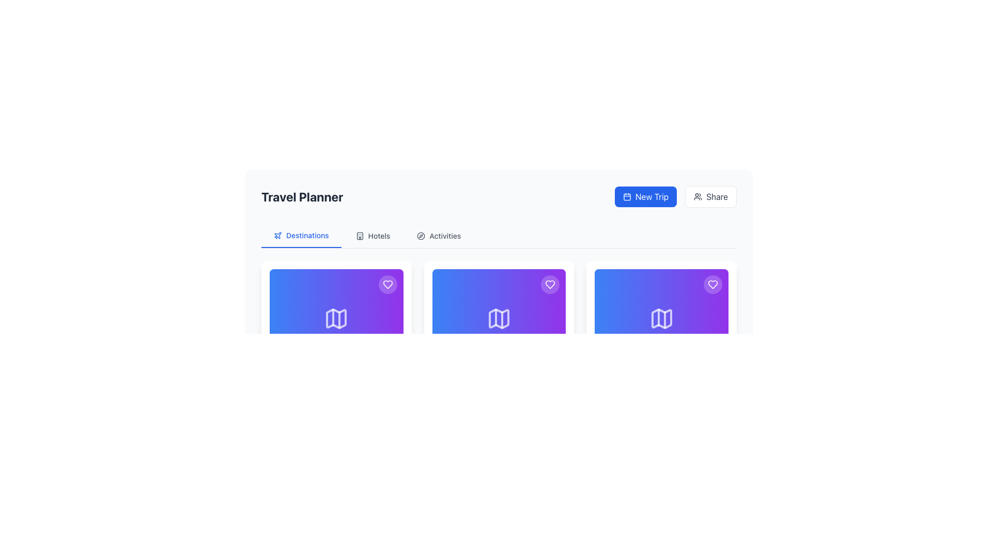 The width and height of the screenshot is (992, 558). Describe the element at coordinates (712, 285) in the screenshot. I see `the circular button with a white heart outline on a gradient purple background, located in the top-right corner of the third card, to trigger visual feedback` at that location.